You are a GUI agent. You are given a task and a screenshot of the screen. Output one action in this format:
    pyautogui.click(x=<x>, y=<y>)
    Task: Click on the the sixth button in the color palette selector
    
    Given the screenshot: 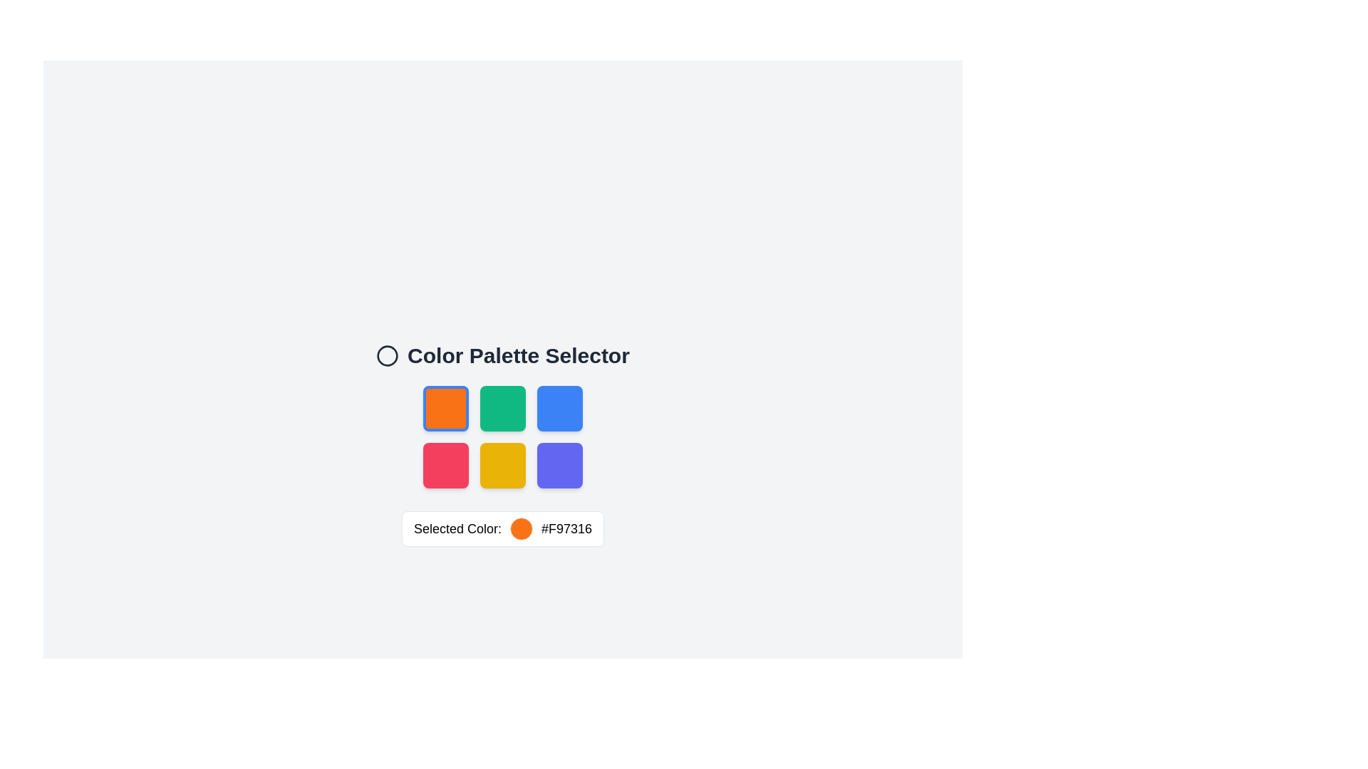 What is the action you would take?
    pyautogui.click(x=559, y=466)
    